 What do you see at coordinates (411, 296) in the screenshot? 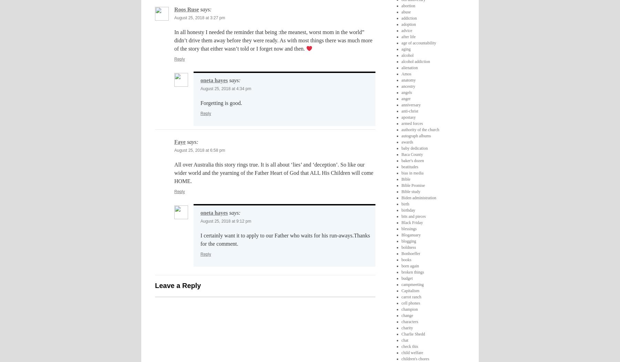
I see `'carrot ranch'` at bounding box center [411, 296].